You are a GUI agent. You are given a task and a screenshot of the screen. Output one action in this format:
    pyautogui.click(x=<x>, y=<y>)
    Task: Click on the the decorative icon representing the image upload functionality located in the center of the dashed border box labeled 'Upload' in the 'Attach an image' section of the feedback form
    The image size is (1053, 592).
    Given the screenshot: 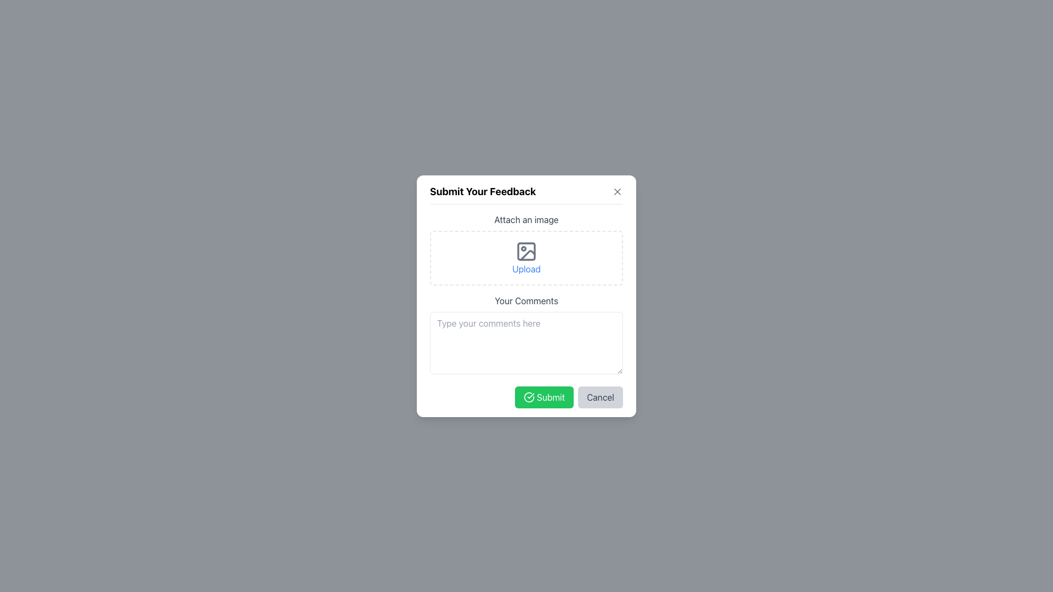 What is the action you would take?
    pyautogui.click(x=526, y=251)
    